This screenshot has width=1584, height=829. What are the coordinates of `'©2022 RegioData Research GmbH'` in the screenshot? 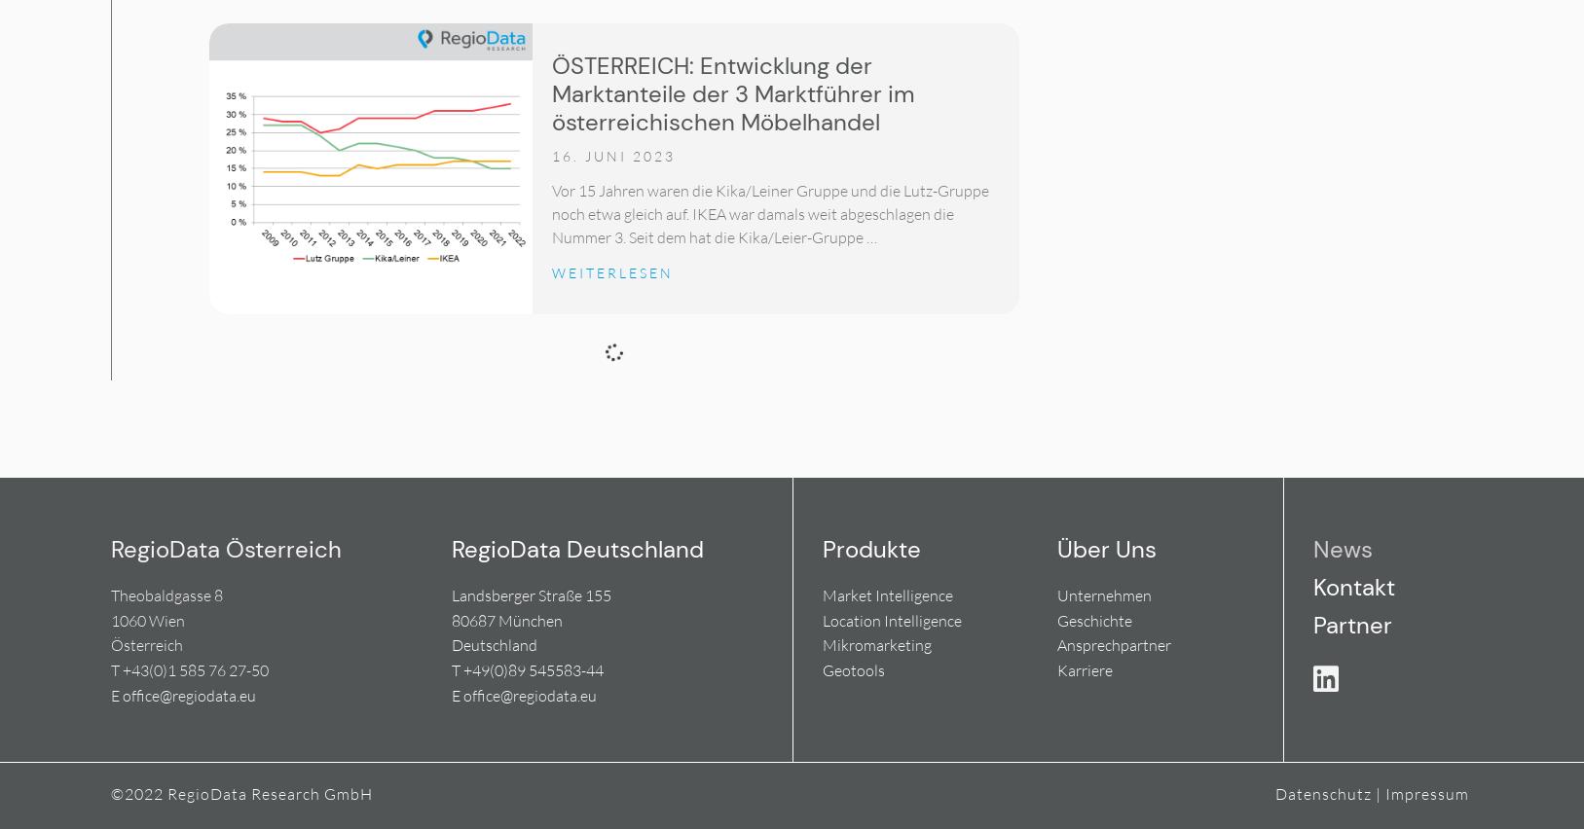 It's located at (109, 792).